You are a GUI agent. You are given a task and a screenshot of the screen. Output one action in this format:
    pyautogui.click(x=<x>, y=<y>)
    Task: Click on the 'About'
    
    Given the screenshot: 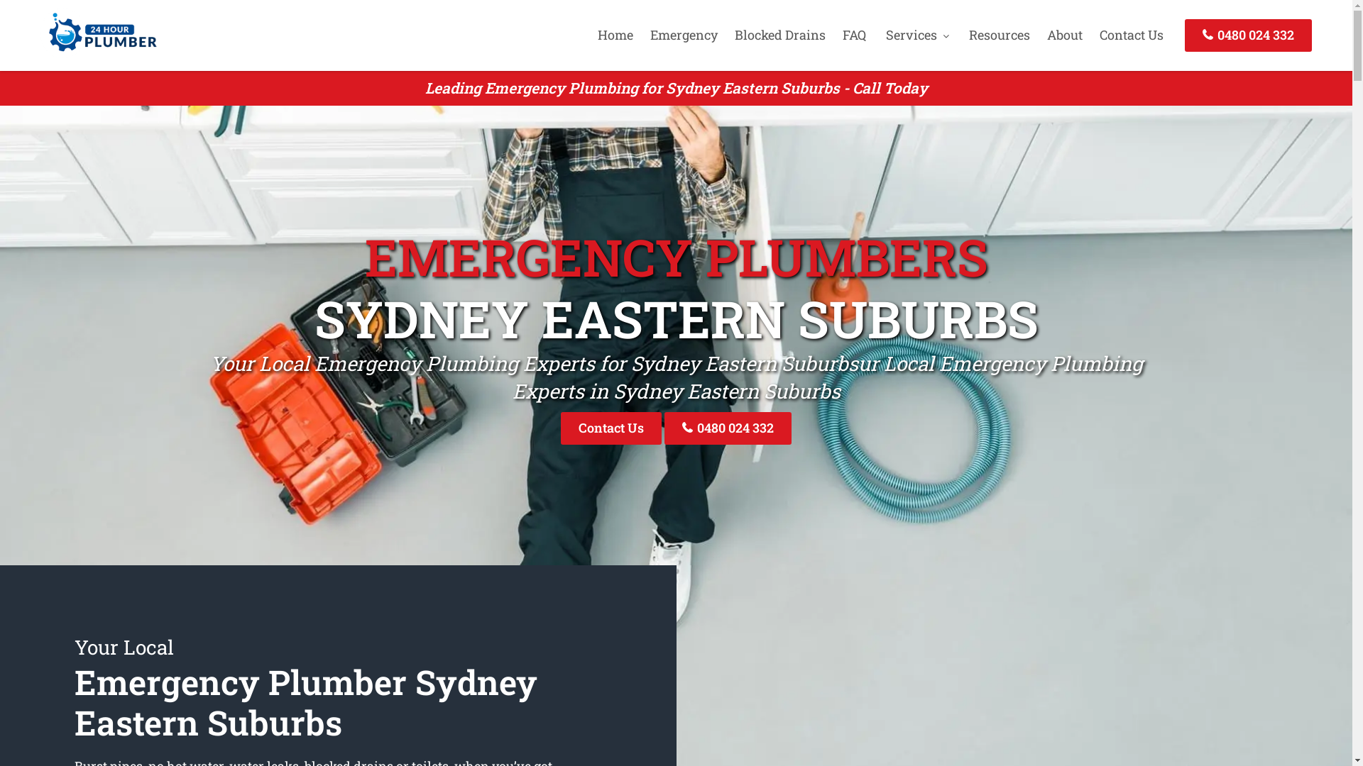 What is the action you would take?
    pyautogui.click(x=1064, y=34)
    